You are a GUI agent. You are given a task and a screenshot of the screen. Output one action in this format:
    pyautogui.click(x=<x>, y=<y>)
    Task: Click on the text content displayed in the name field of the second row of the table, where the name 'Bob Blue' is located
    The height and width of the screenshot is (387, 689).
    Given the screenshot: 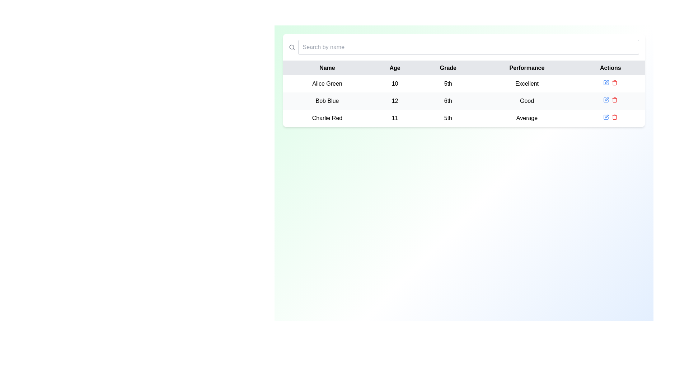 What is the action you would take?
    pyautogui.click(x=327, y=101)
    